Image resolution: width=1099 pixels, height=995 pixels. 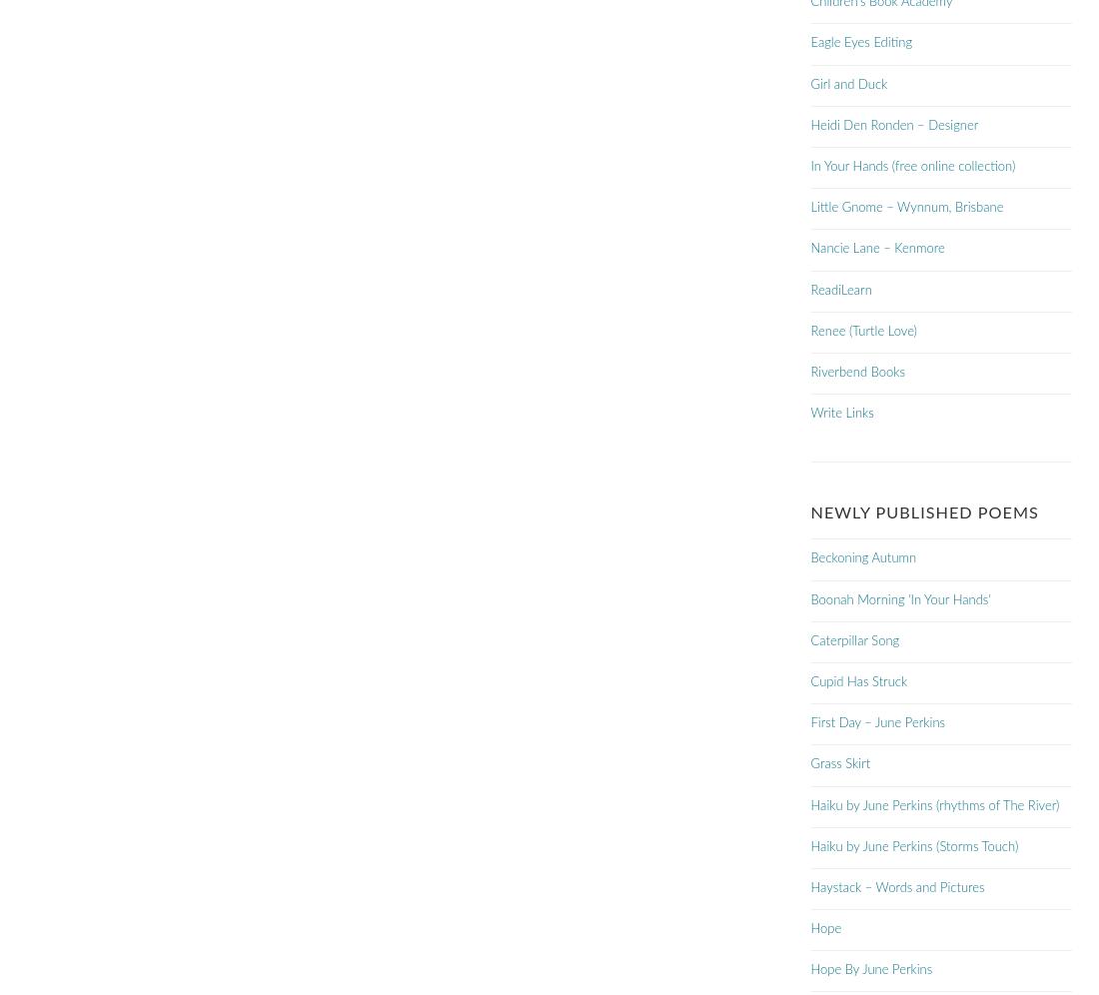 What do you see at coordinates (912, 167) in the screenshot?
I see `'In Your Hands (free online collection)'` at bounding box center [912, 167].